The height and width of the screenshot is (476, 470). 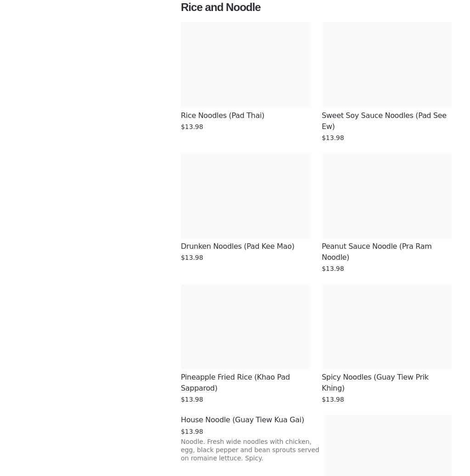 What do you see at coordinates (242, 420) in the screenshot?
I see `'House Noodle (Guay Tiew Kua Gai)'` at bounding box center [242, 420].